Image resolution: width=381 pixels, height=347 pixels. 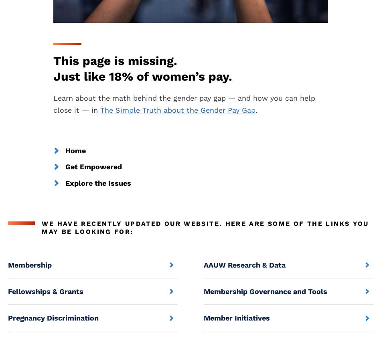 What do you see at coordinates (93, 166) in the screenshot?
I see `'Get Empowered'` at bounding box center [93, 166].